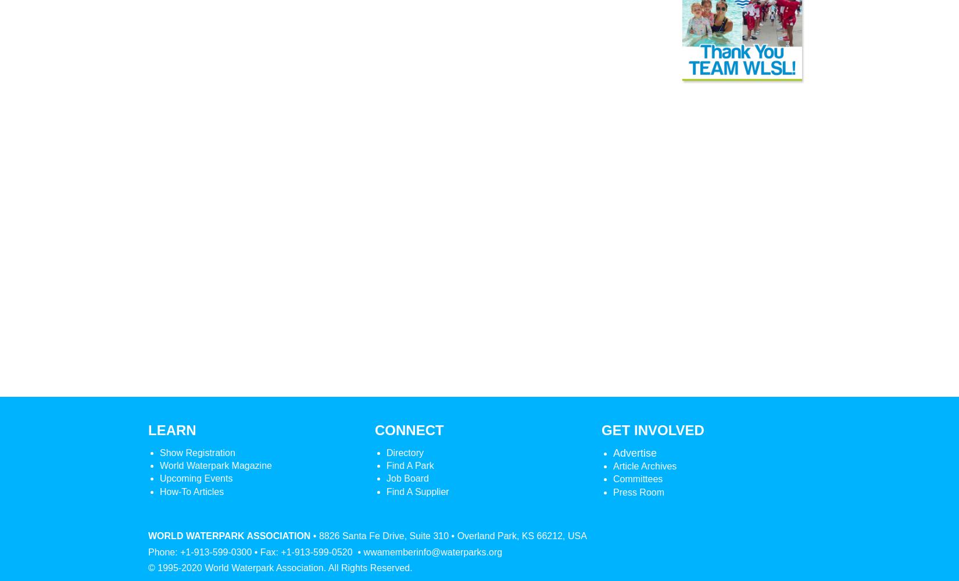 This screenshot has width=959, height=581. Describe the element at coordinates (638, 478) in the screenshot. I see `'Committees'` at that location.